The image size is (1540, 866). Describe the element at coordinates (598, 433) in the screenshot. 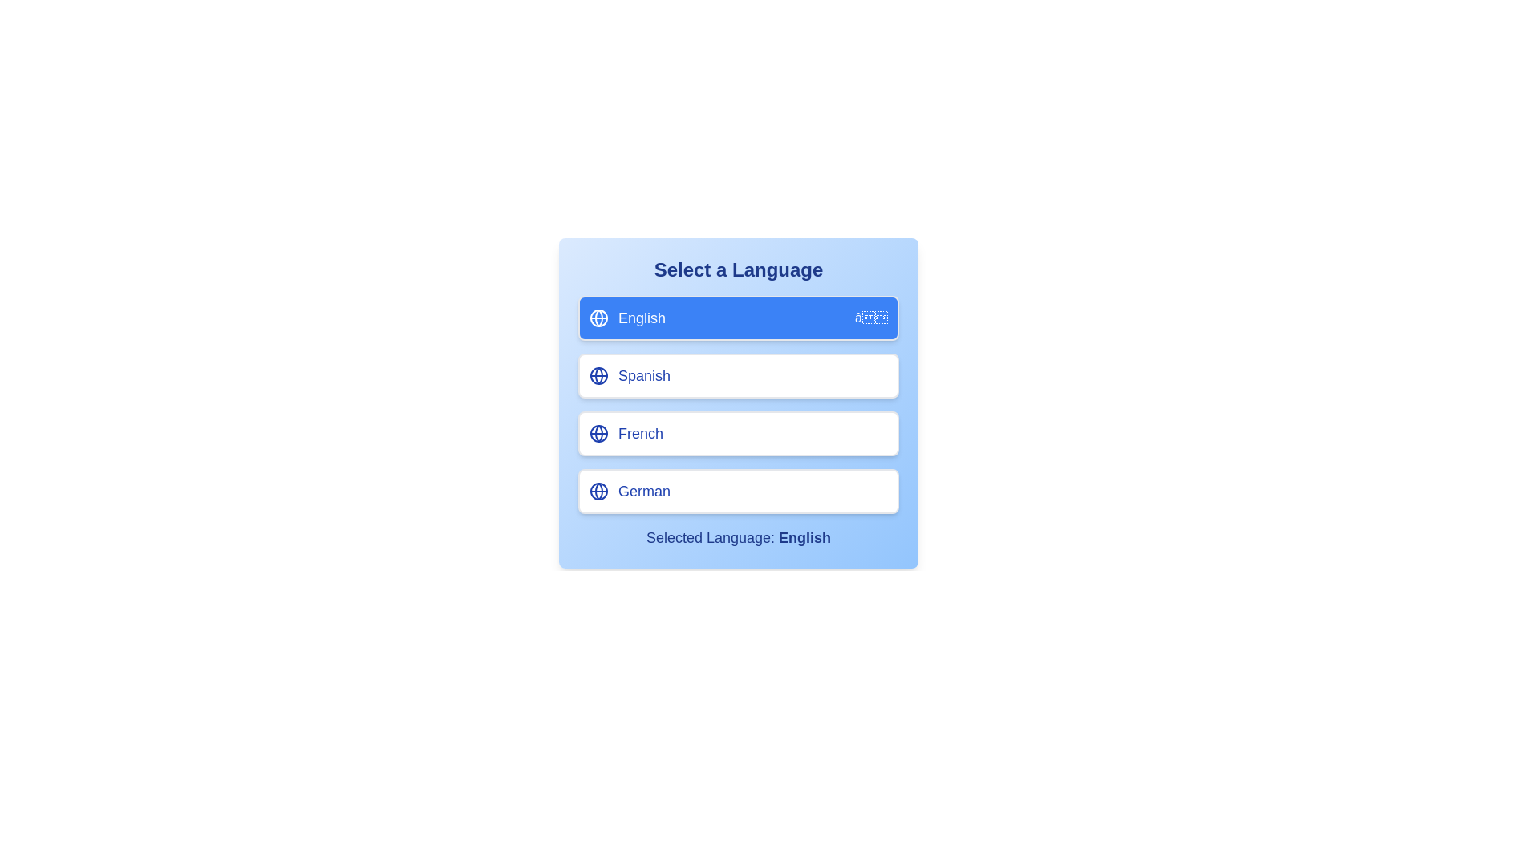

I see `the curved line of the globe icon, which divides the icon into two hemispheres` at that location.